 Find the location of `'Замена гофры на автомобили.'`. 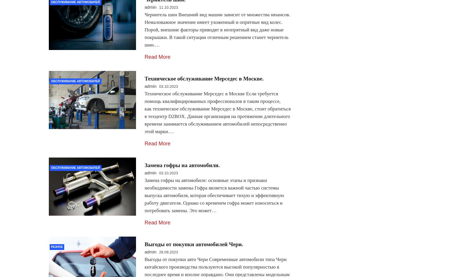

'Замена гофры на автомобили.' is located at coordinates (144, 165).